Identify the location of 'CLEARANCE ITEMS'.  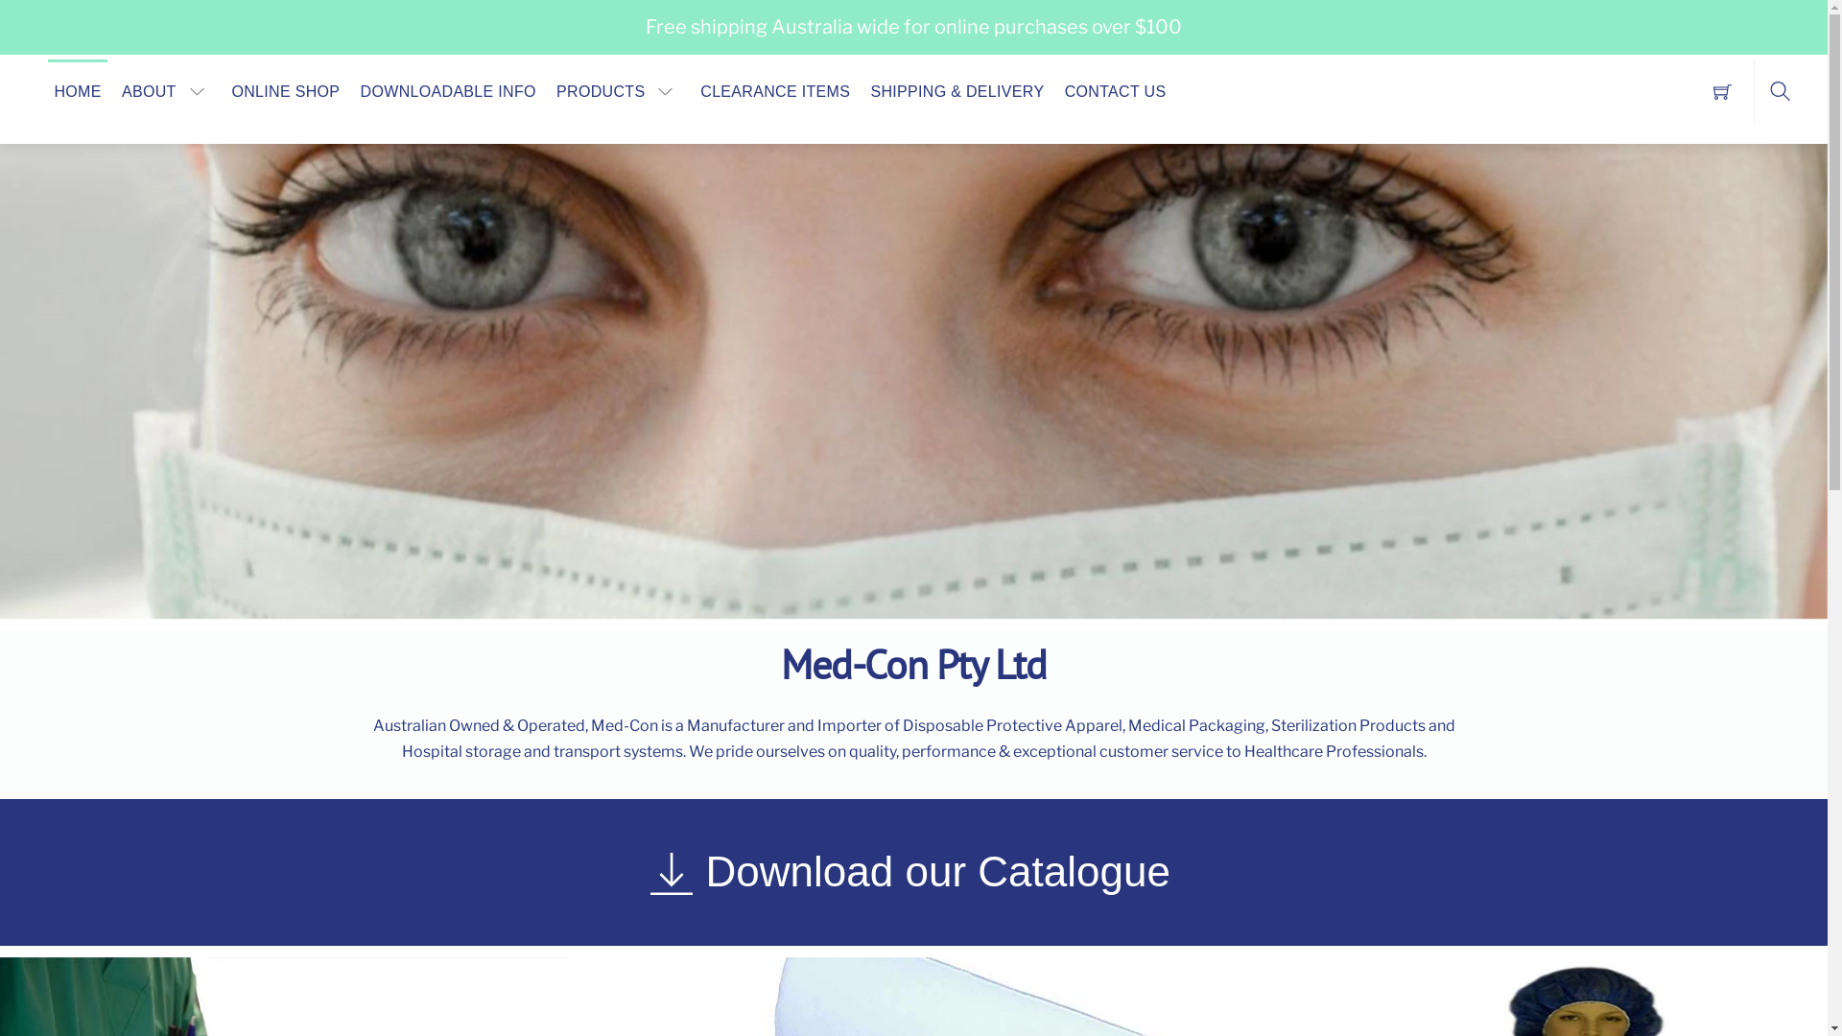
(775, 91).